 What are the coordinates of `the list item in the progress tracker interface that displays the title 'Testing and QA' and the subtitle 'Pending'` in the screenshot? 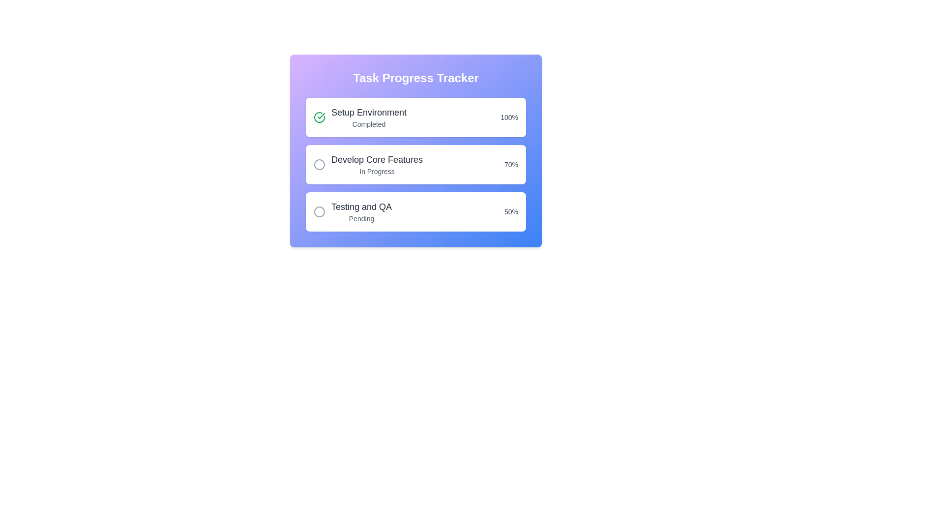 It's located at (353, 211).